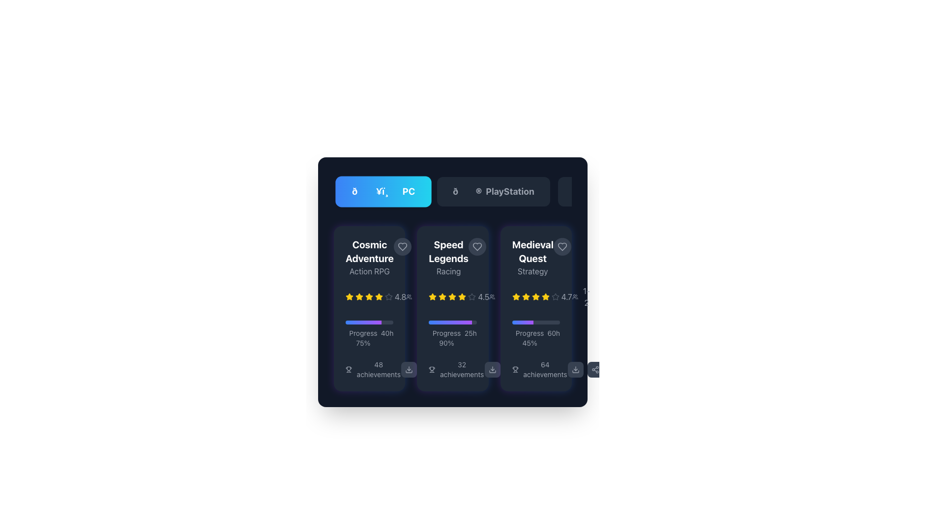 The height and width of the screenshot is (531, 944). I want to click on the share icon, which is a small light gray network symbol embedded in a dark gray rounded rectangular button located on the far right side of the interface, so click(429, 370).